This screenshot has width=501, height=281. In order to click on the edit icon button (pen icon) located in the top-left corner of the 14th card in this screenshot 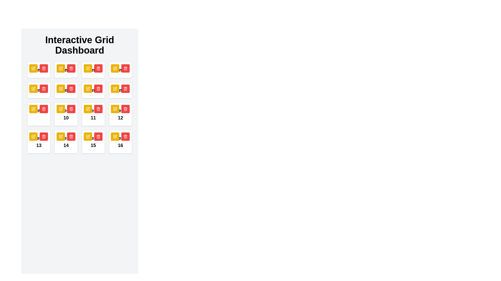, I will do `click(61, 136)`.